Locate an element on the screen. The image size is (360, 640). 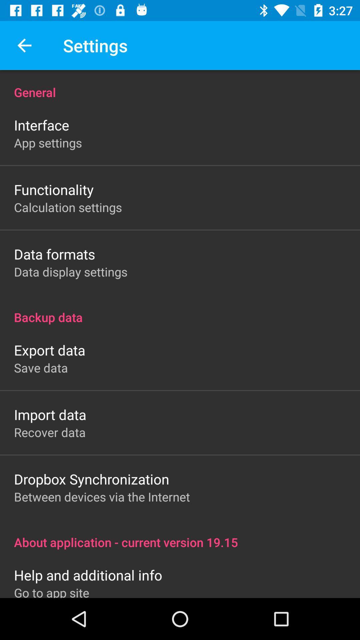
the save data icon is located at coordinates (41, 367).